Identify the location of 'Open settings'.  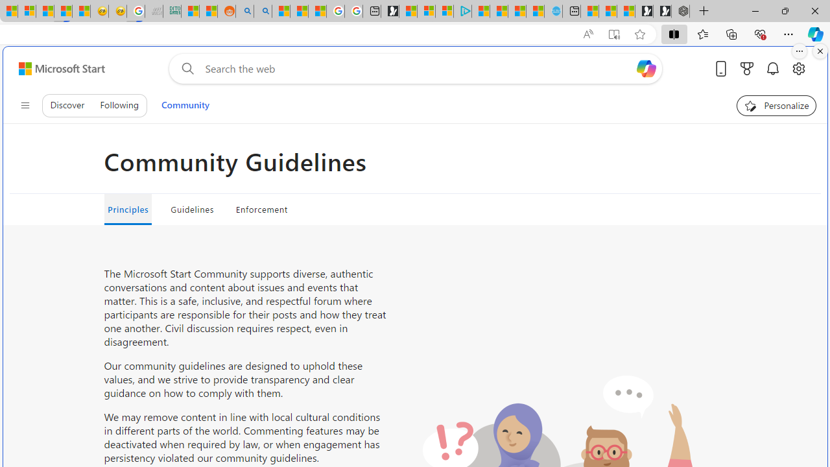
(798, 68).